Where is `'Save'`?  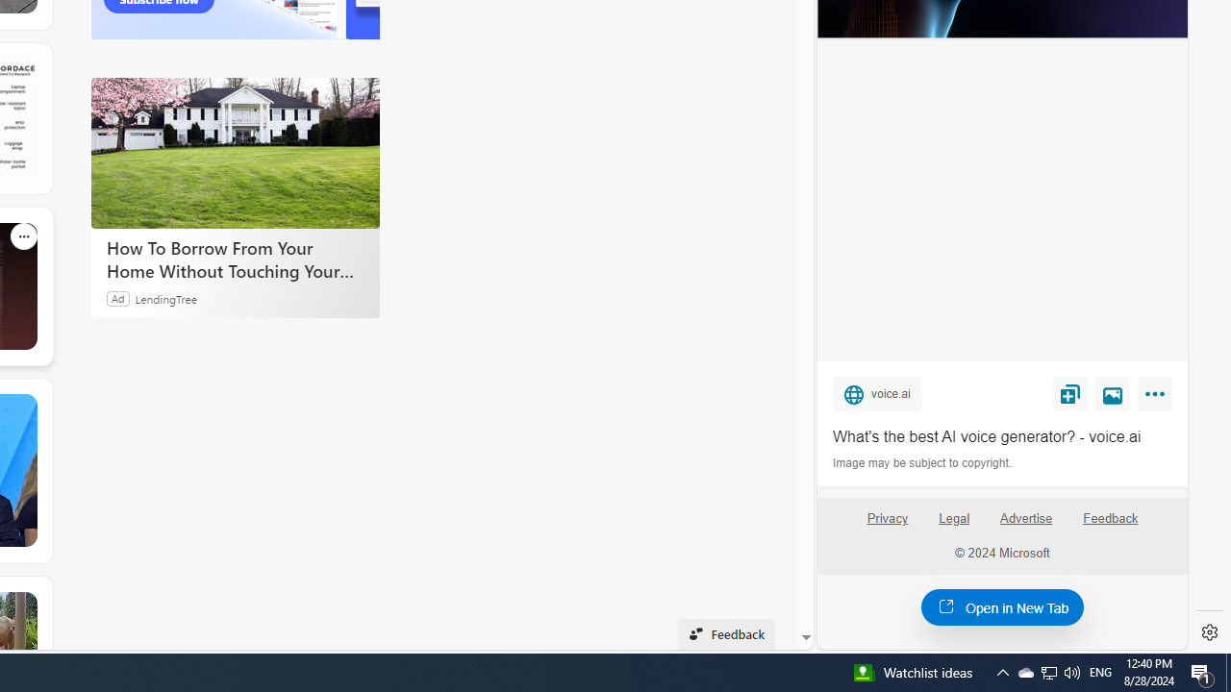
'Save' is located at coordinates (1068, 392).